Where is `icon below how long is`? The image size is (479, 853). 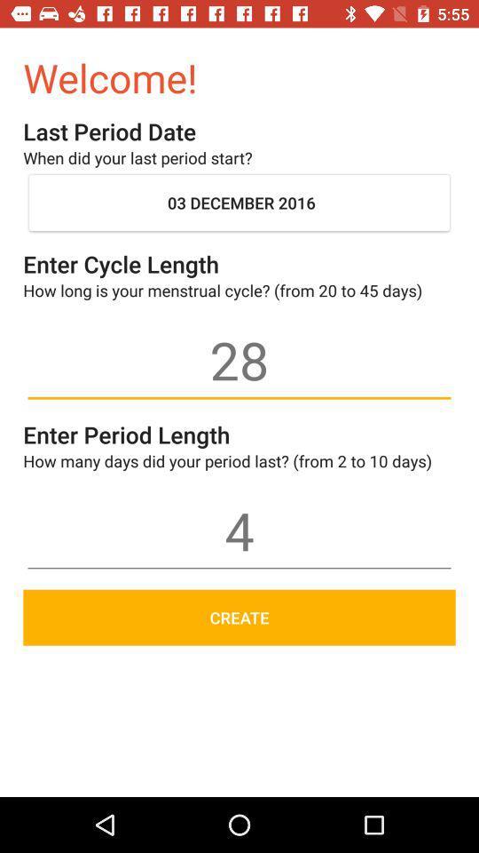 icon below how long is is located at coordinates (239, 359).